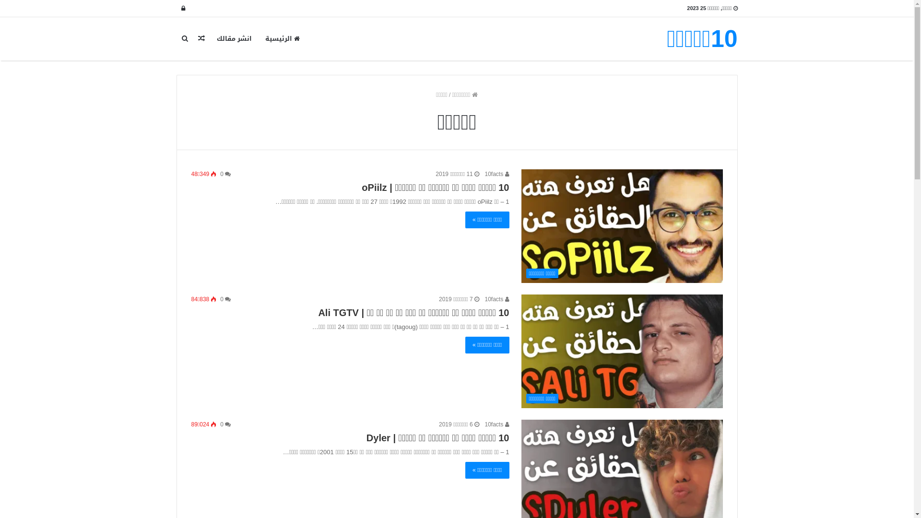  What do you see at coordinates (496, 174) in the screenshot?
I see `'10facts'` at bounding box center [496, 174].